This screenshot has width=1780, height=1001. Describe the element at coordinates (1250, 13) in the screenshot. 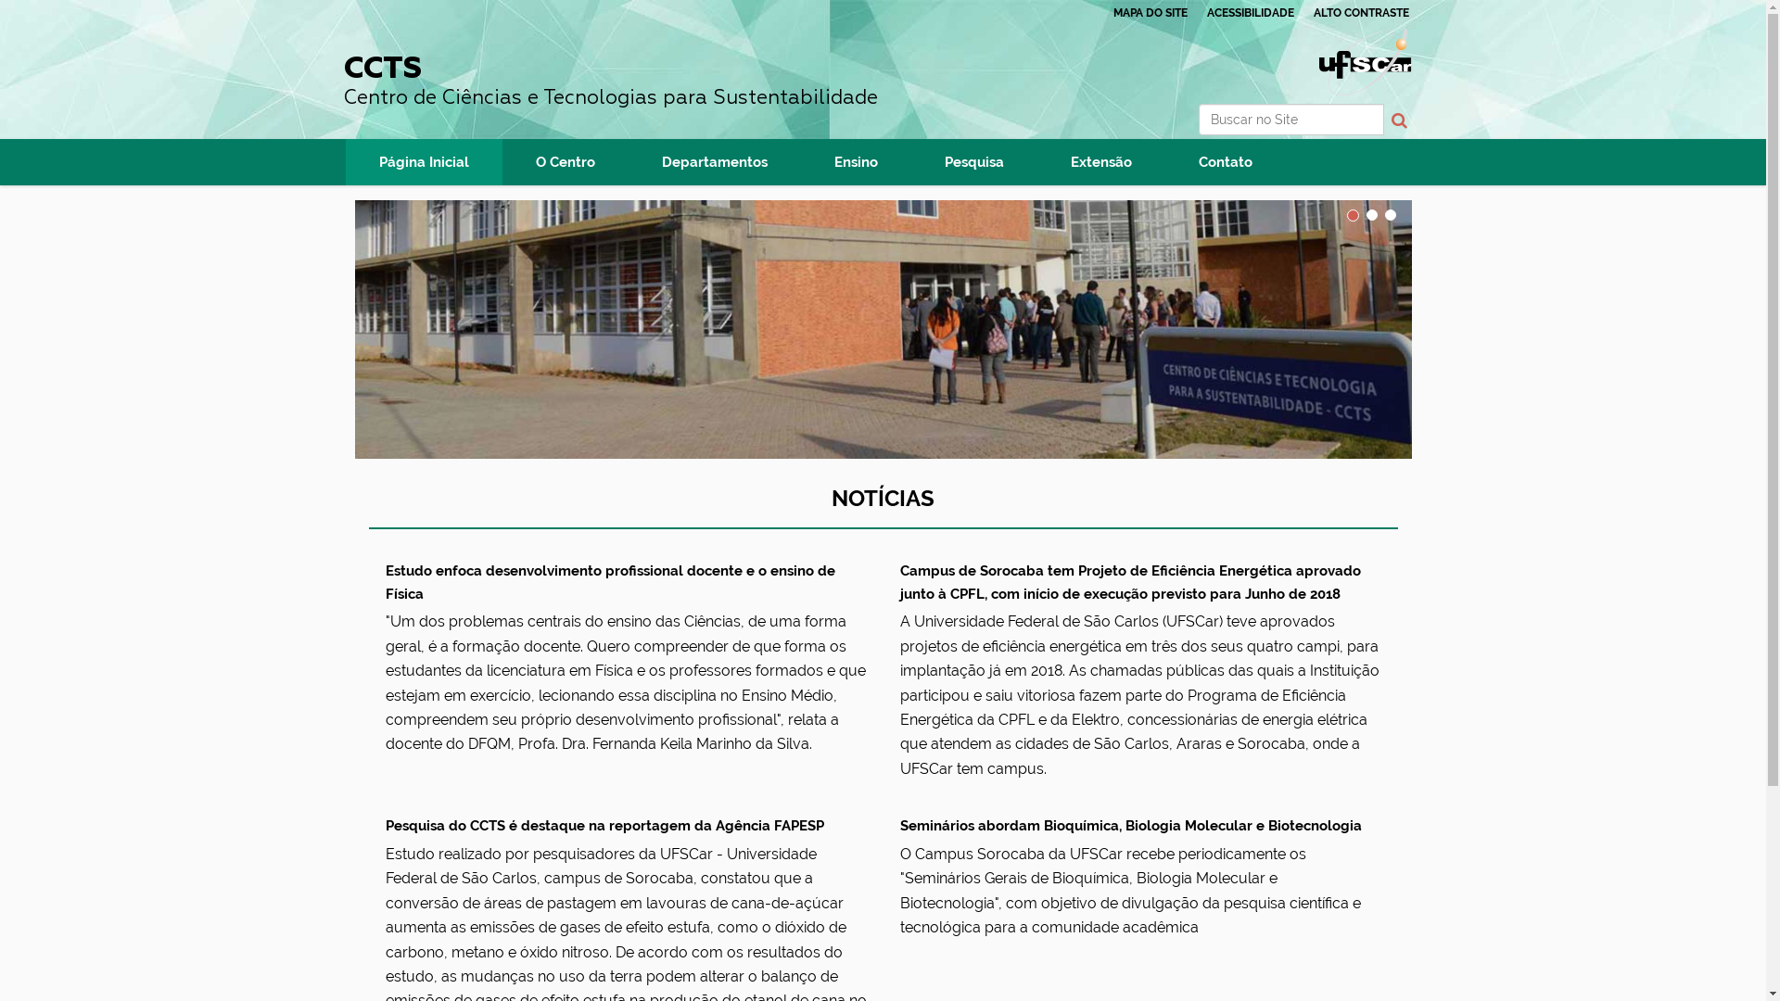

I see `'ACESSIBILIDADE'` at that location.